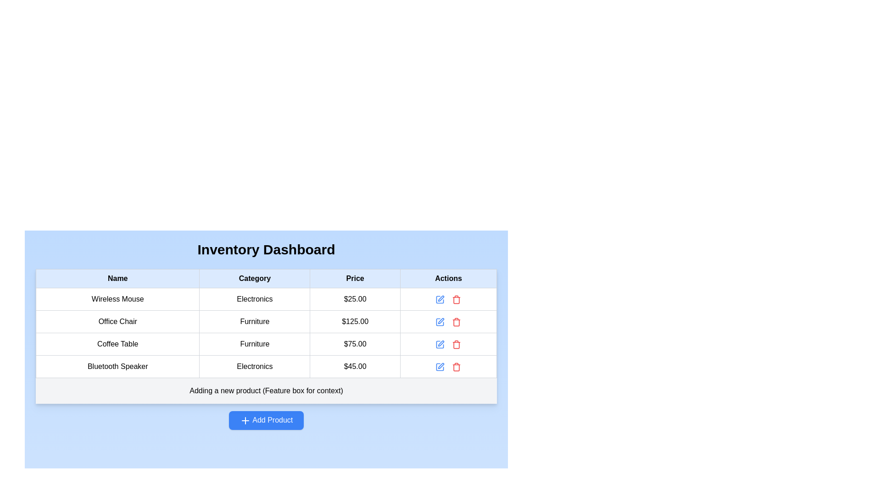 This screenshot has width=881, height=495. Describe the element at coordinates (255, 344) in the screenshot. I see `the 'Furniture' category label in the third row of the table, which indicates the product 'Coffee Table'` at that location.